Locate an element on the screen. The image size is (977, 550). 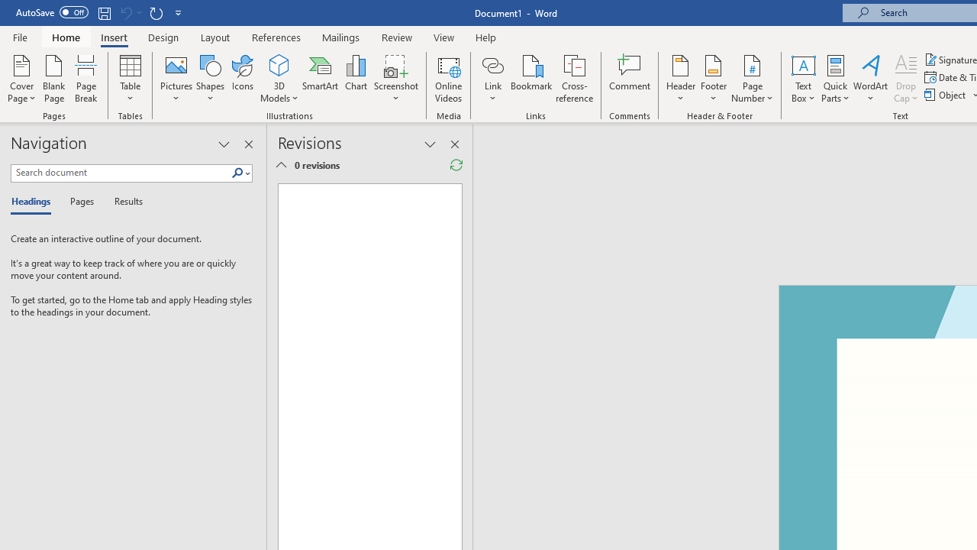
'3D Models' is located at coordinates (279, 64).